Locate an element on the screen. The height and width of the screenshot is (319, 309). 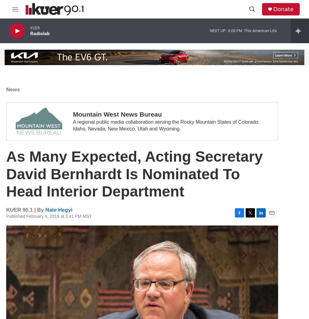
'Next Up:' is located at coordinates (218, 30).